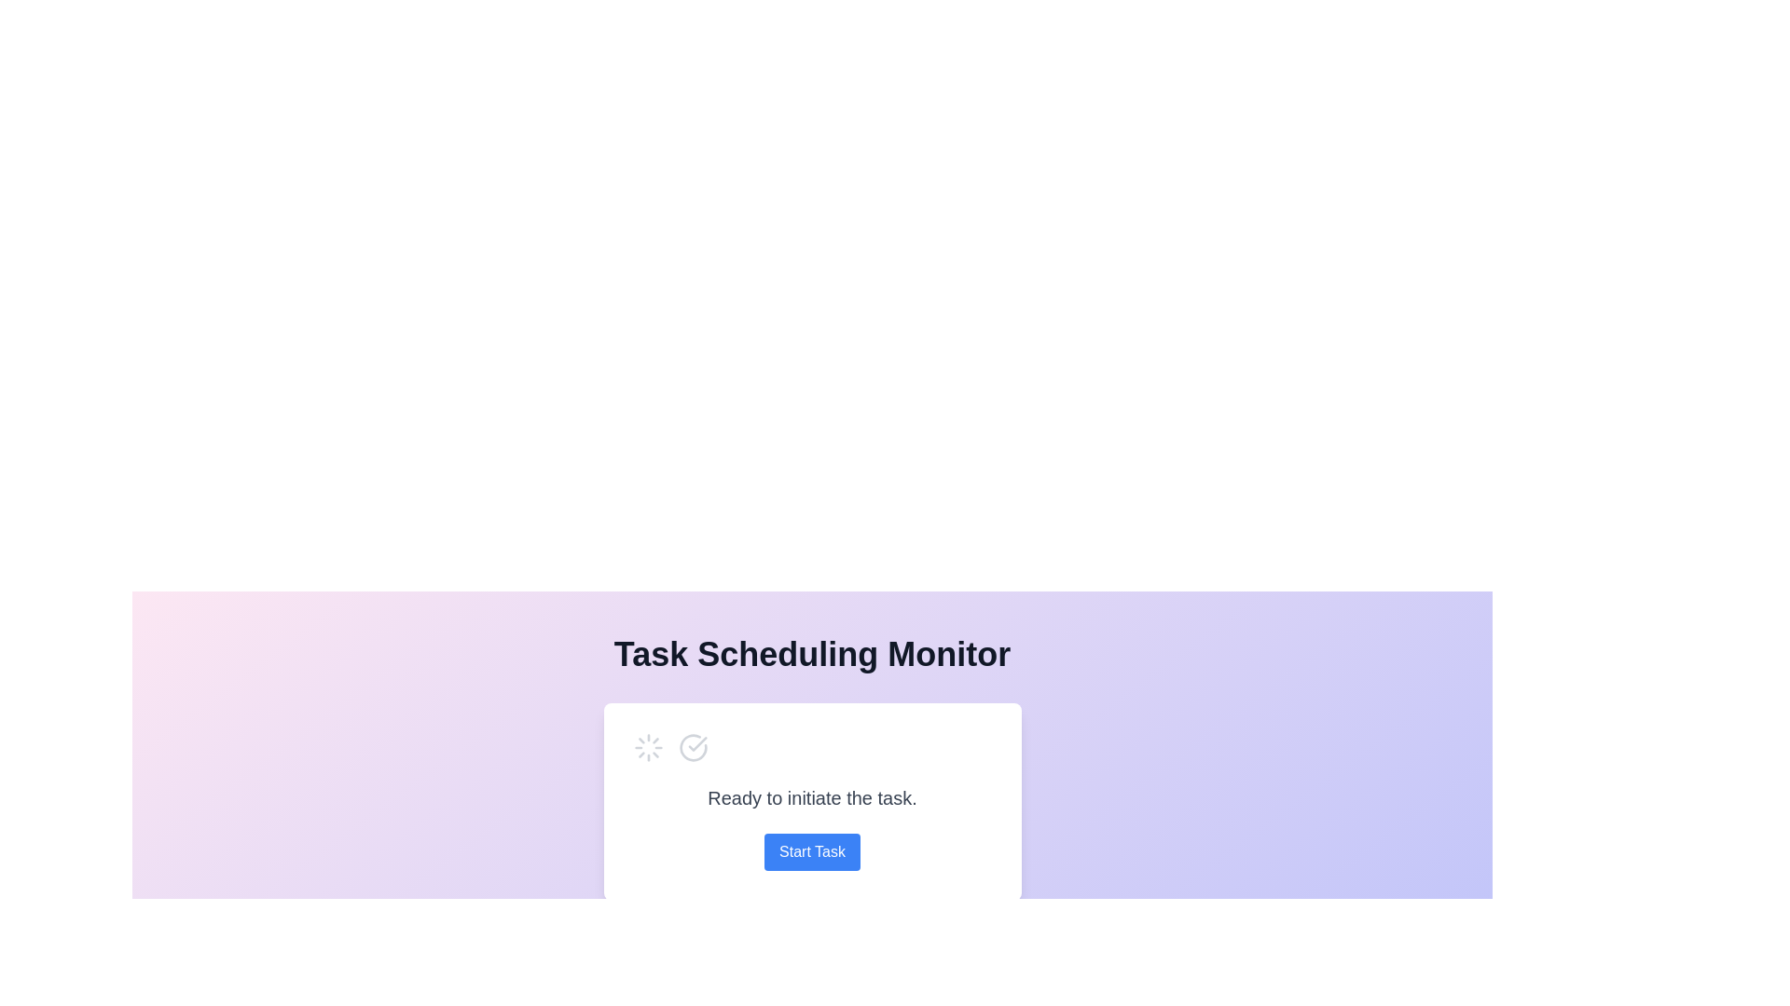 Image resolution: width=1790 pixels, height=1006 pixels. Describe the element at coordinates (812, 851) in the screenshot. I see `the rectangular 'Start Task' button with rounded corners and a blue background to observe the hover effect` at that location.